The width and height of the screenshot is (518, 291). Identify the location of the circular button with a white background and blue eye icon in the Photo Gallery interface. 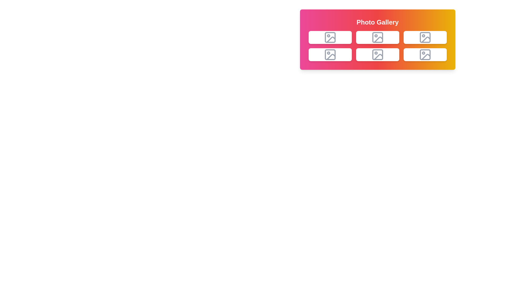
(323, 55).